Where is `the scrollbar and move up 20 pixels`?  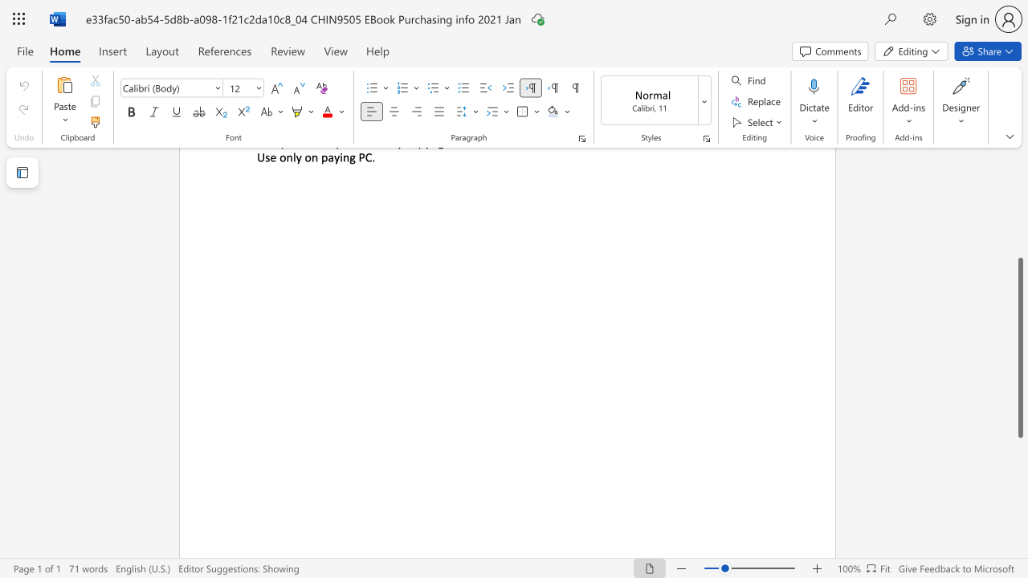 the scrollbar and move up 20 pixels is located at coordinates (1019, 347).